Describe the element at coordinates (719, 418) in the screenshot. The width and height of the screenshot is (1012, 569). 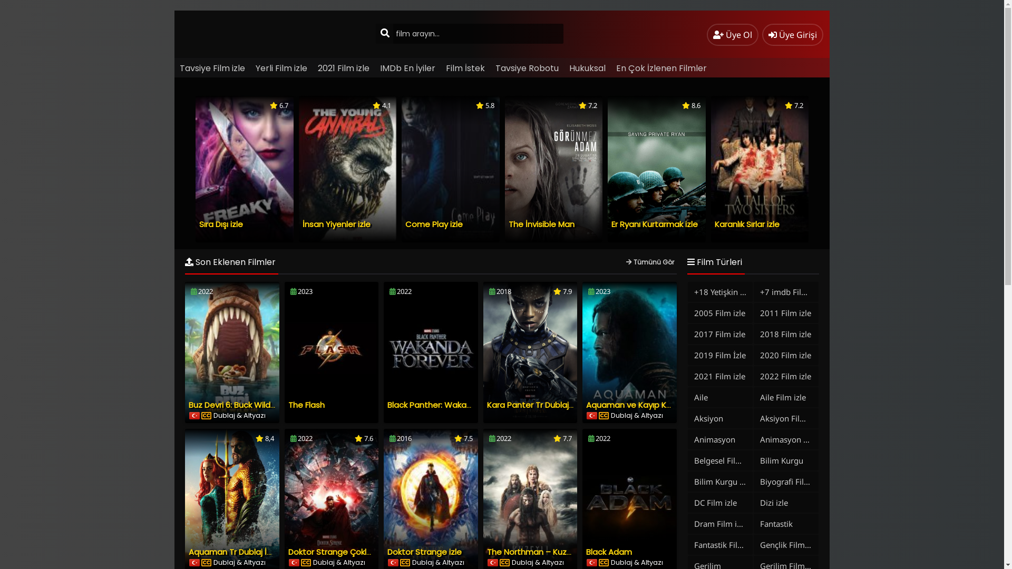
I see `'Aksiyon'` at that location.